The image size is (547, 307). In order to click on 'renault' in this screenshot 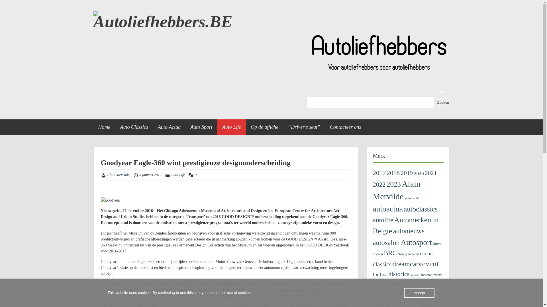, I will do `click(412, 304)`.